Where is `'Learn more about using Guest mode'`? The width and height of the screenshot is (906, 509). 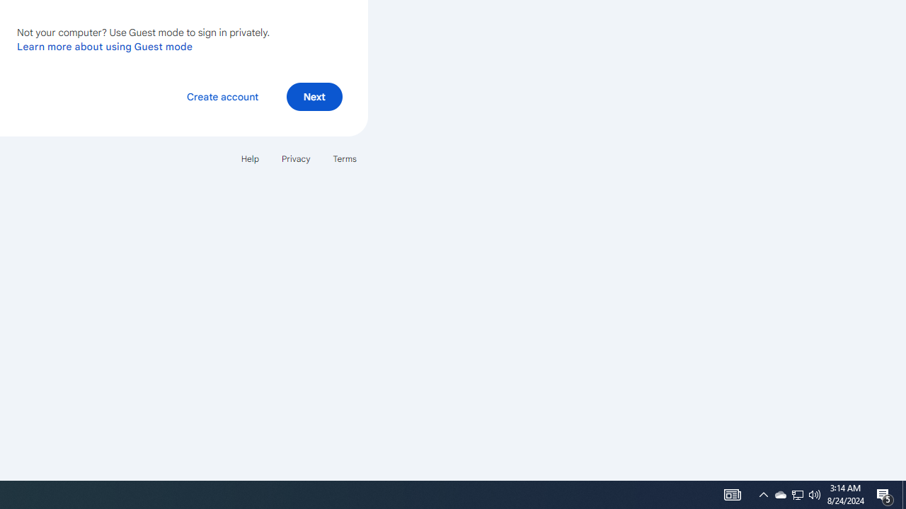
'Learn more about using Guest mode' is located at coordinates (104, 45).